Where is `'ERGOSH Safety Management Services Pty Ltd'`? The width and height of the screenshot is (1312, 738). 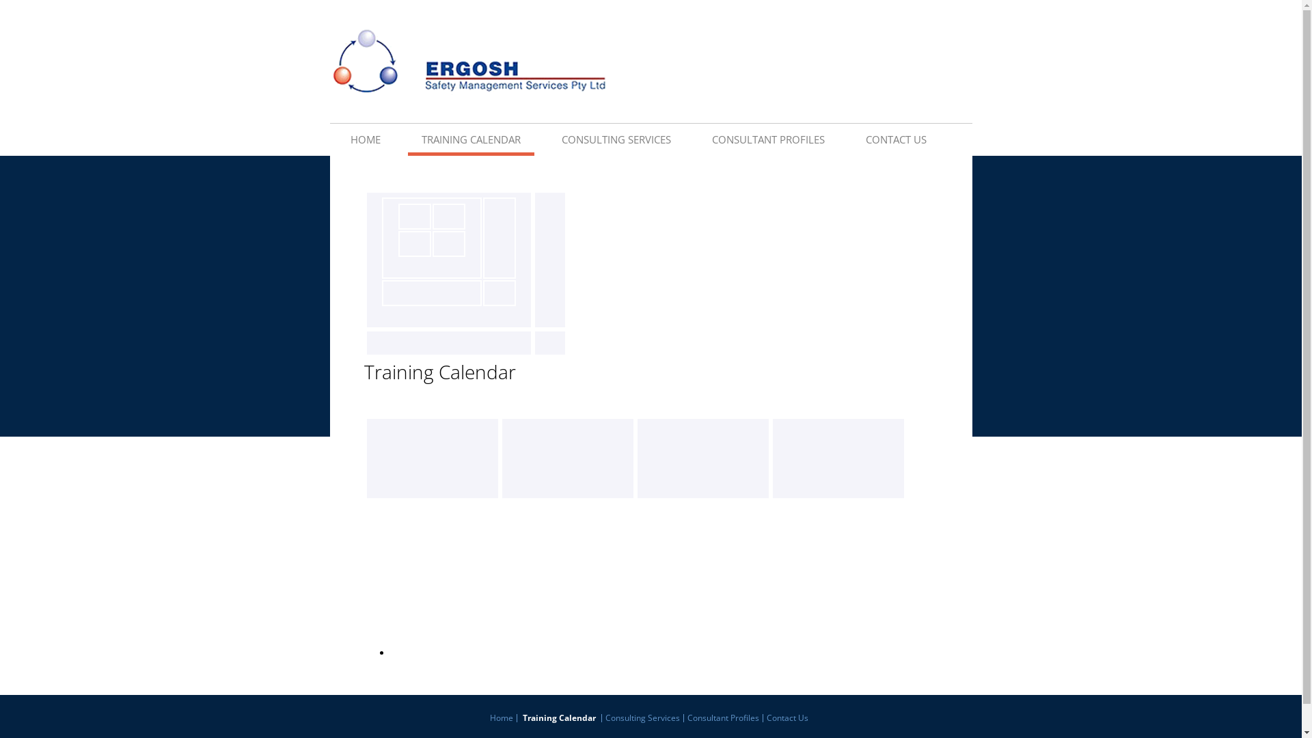
'ERGOSH Safety Management Services Pty Ltd' is located at coordinates (467, 60).